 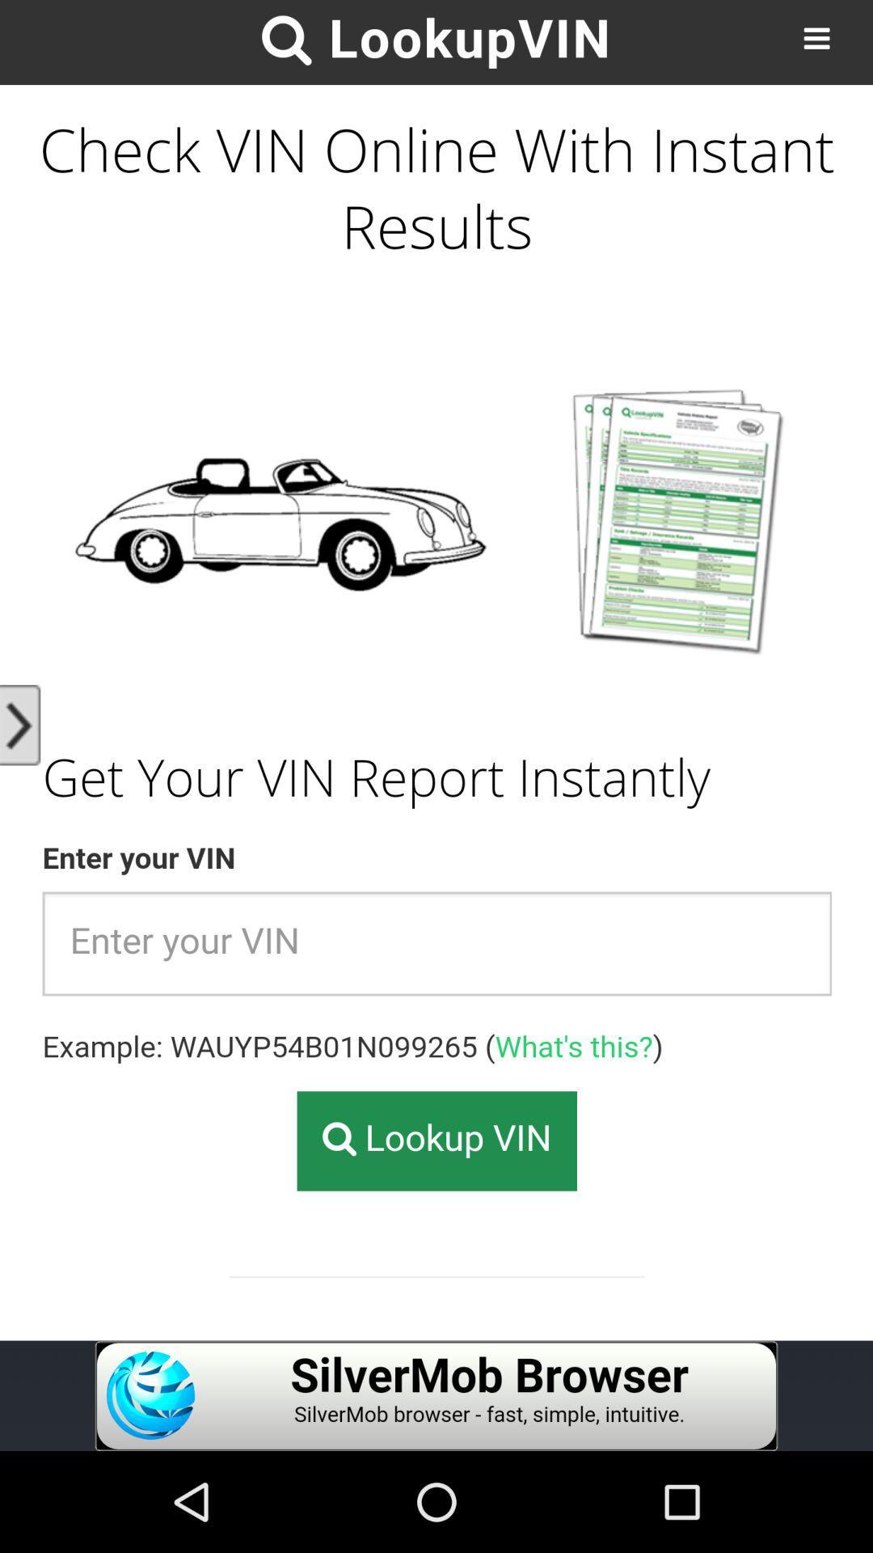 I want to click on advertisement, so click(x=436, y=1395).